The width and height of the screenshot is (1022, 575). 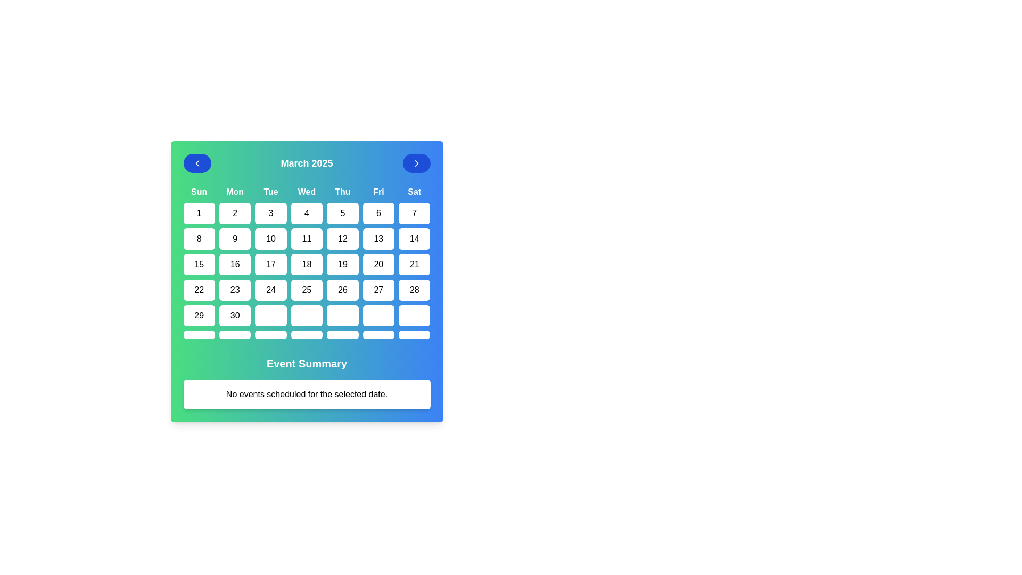 What do you see at coordinates (199, 315) in the screenshot?
I see `the calendar cell displaying the number '29'` at bounding box center [199, 315].